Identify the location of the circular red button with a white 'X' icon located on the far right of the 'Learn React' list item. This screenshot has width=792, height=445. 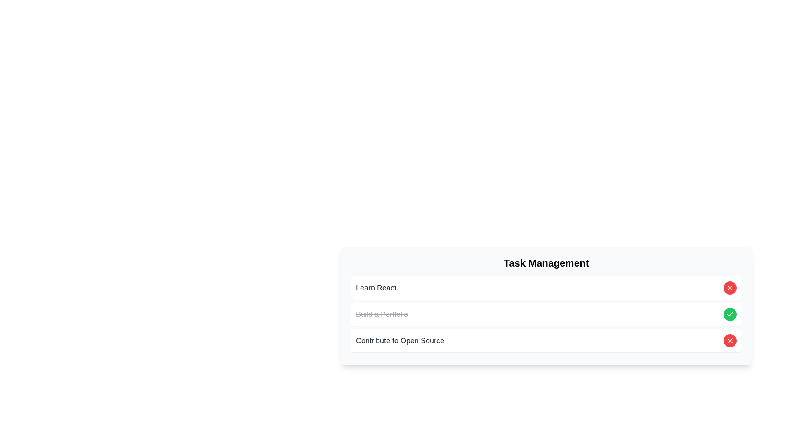
(730, 287).